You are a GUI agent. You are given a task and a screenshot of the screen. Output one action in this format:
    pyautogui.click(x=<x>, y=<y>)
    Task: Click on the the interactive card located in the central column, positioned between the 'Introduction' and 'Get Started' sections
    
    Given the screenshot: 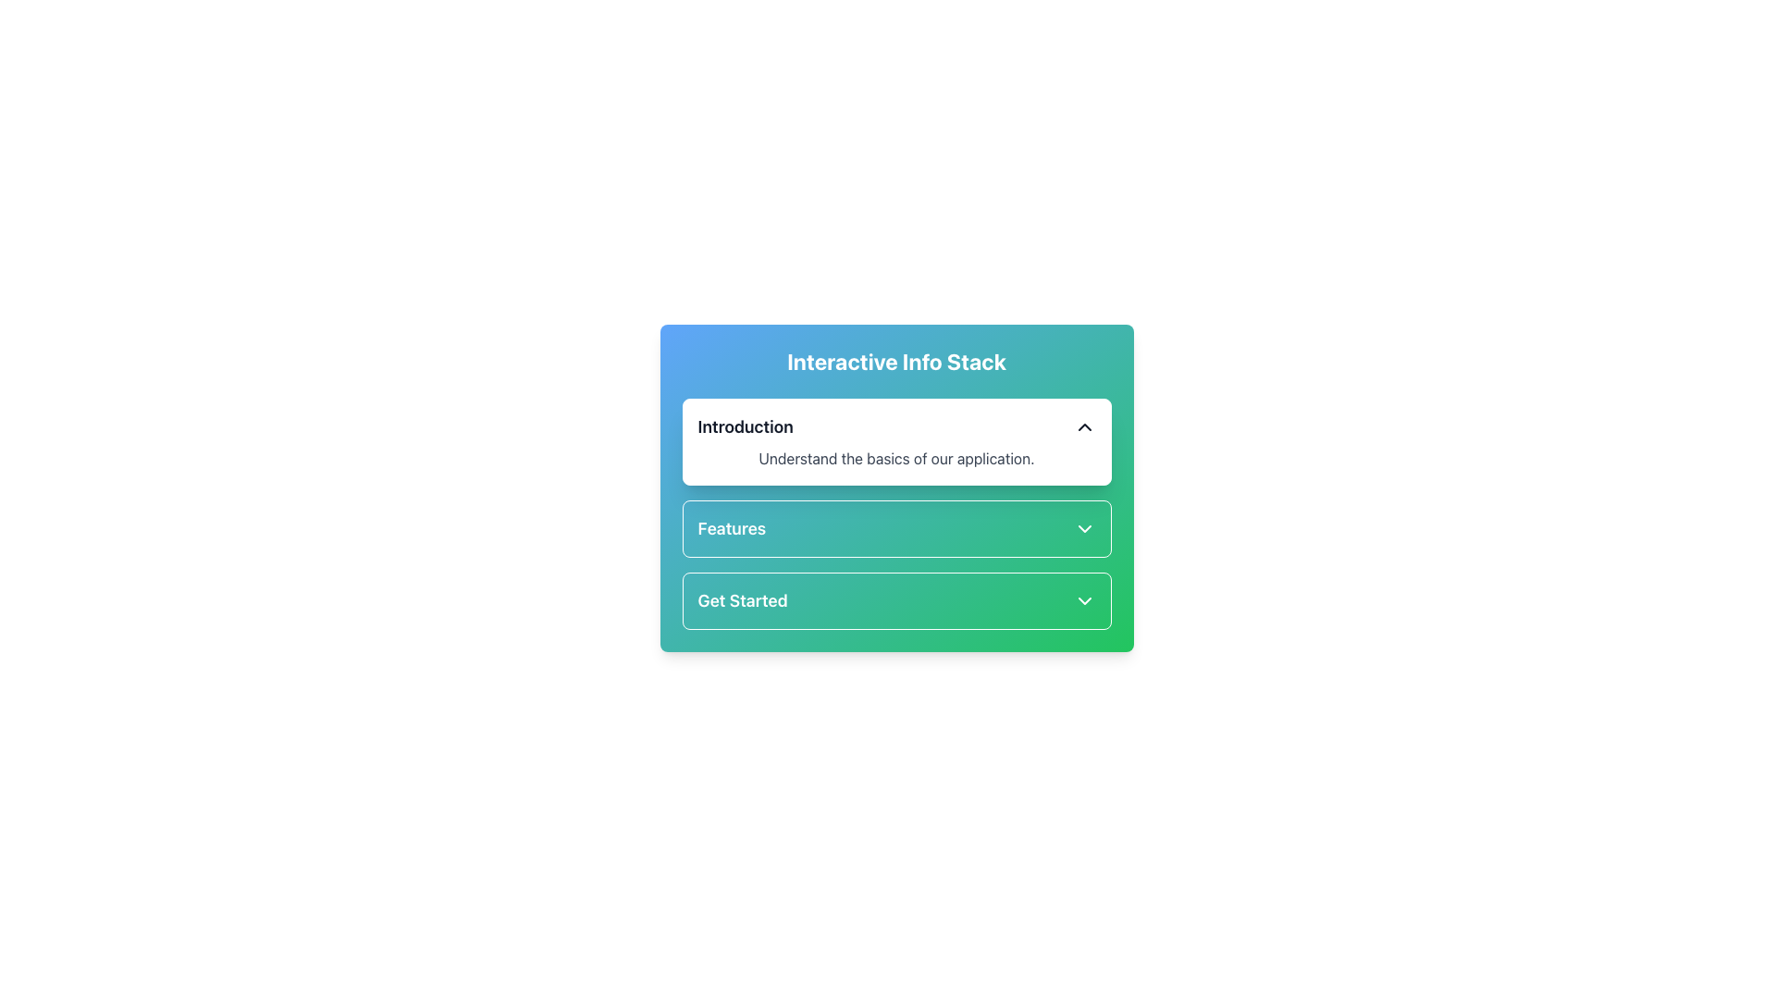 What is the action you would take?
    pyautogui.click(x=896, y=513)
    